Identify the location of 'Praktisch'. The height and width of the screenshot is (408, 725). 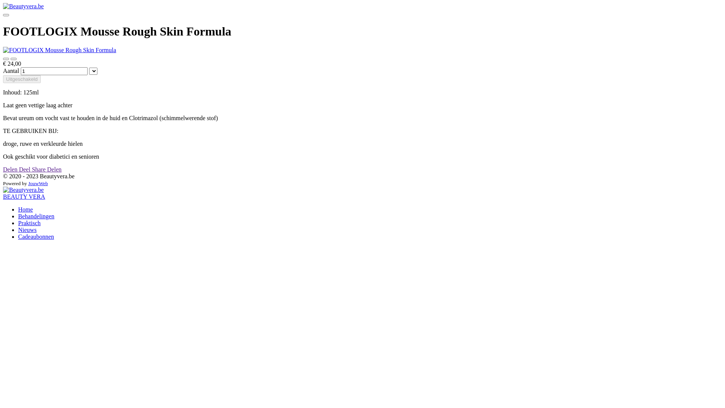
(18, 223).